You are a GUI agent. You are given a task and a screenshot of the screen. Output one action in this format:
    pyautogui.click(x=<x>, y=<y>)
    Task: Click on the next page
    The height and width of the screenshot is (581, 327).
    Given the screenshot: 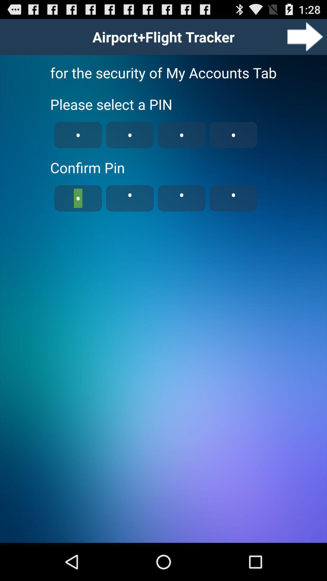 What is the action you would take?
    pyautogui.click(x=305, y=36)
    